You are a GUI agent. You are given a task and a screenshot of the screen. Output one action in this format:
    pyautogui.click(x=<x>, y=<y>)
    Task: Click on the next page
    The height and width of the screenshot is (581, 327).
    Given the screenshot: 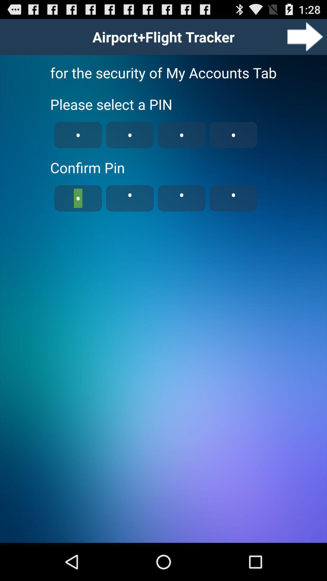 What is the action you would take?
    pyautogui.click(x=305, y=36)
    